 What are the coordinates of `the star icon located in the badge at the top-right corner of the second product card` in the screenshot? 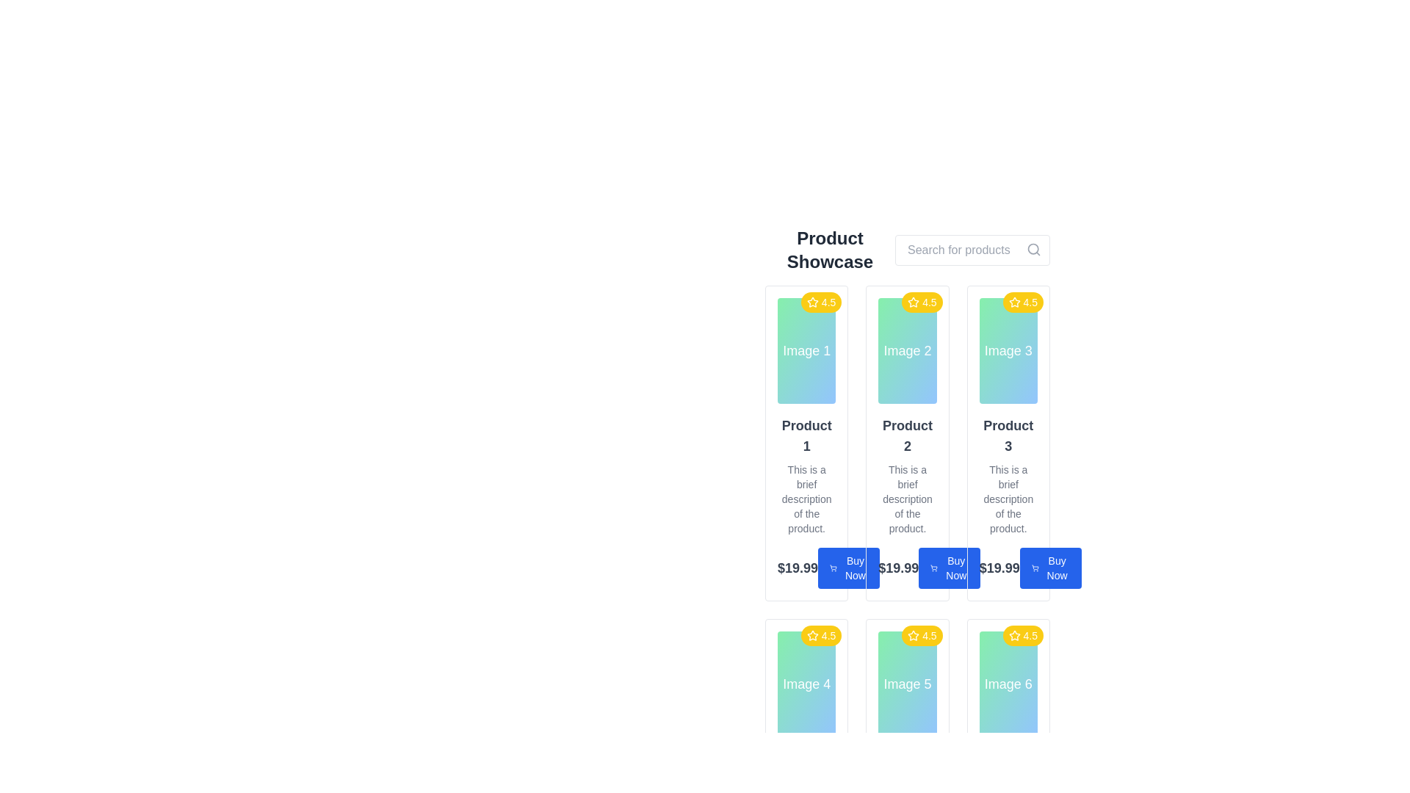 It's located at (912, 302).